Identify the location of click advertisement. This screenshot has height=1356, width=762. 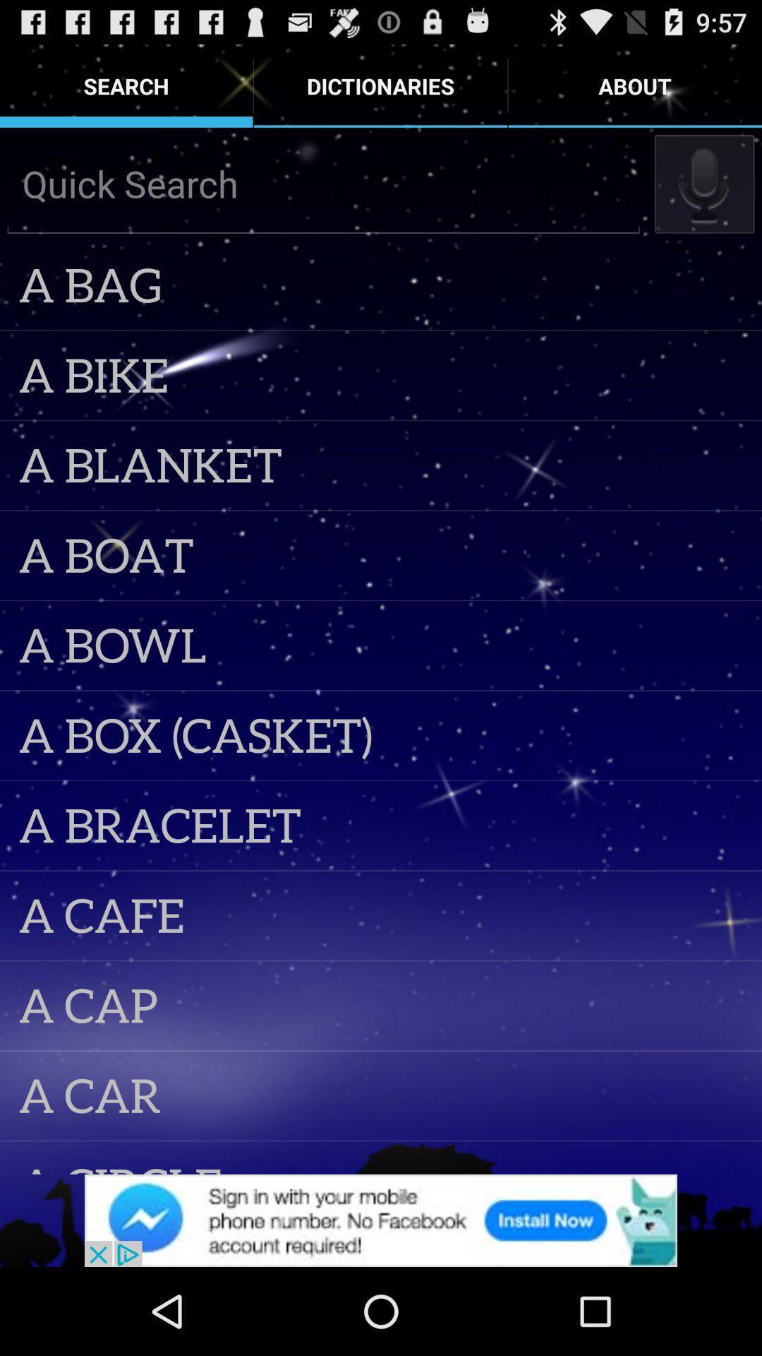
(381, 1220).